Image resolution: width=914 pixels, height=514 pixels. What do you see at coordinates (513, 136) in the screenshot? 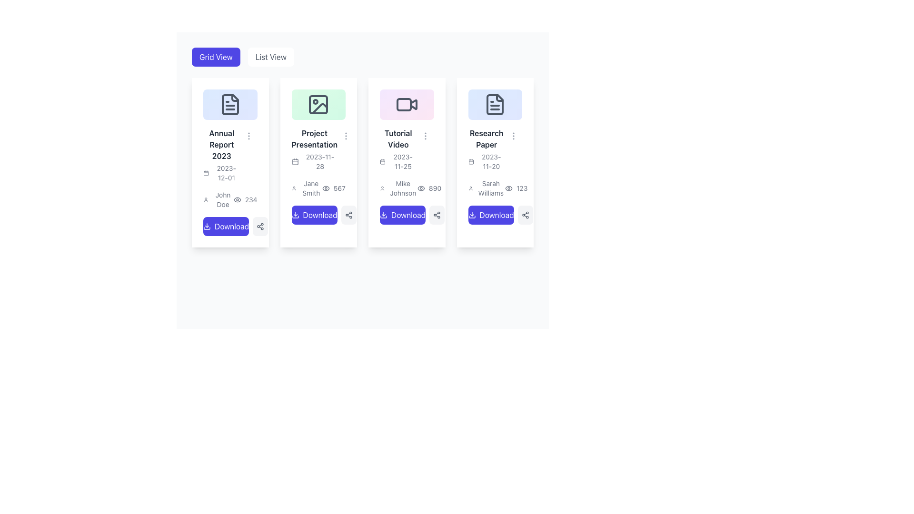
I see `the interactive menu trigger icon located at the top-right corner of the 'Research Paper' card` at bounding box center [513, 136].